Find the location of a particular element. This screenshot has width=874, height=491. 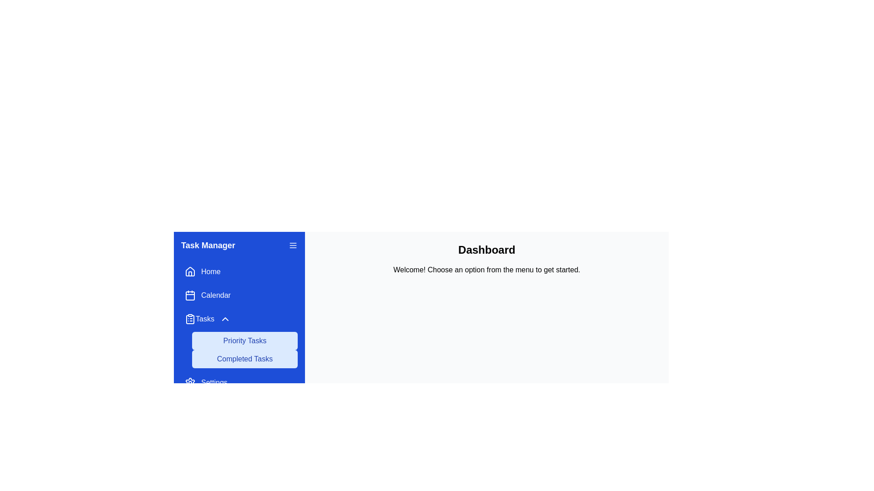

the upper button in the sidebar menu labeled 'Priority Tasks' is located at coordinates (244, 341).